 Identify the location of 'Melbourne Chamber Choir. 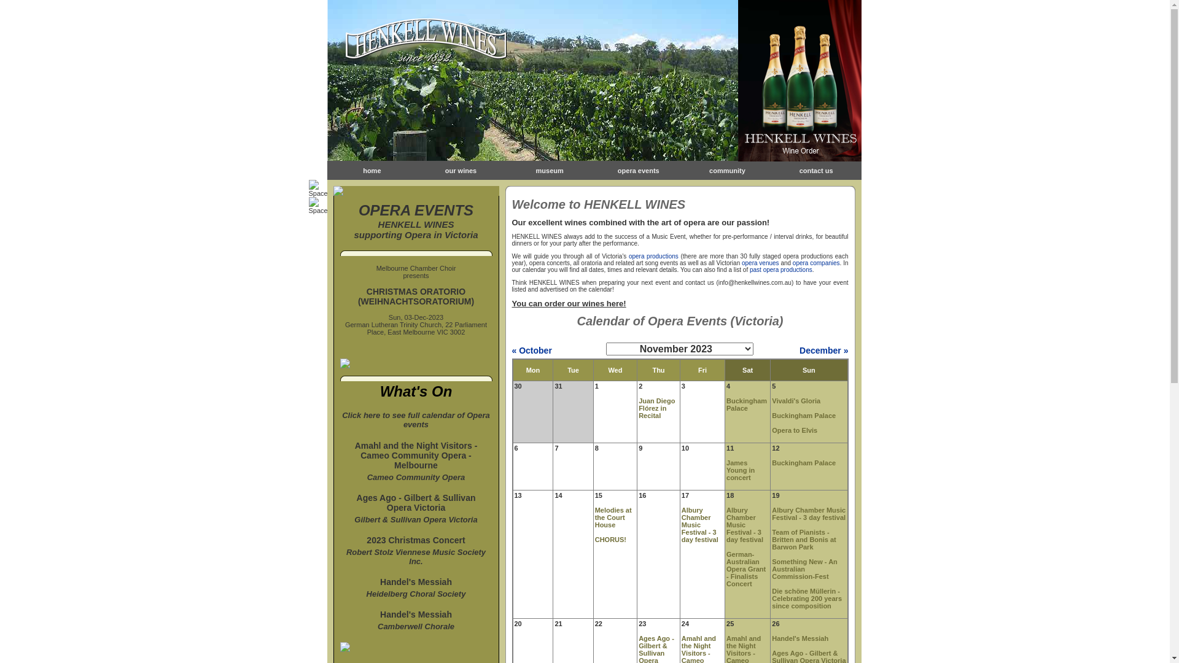
(416, 271).